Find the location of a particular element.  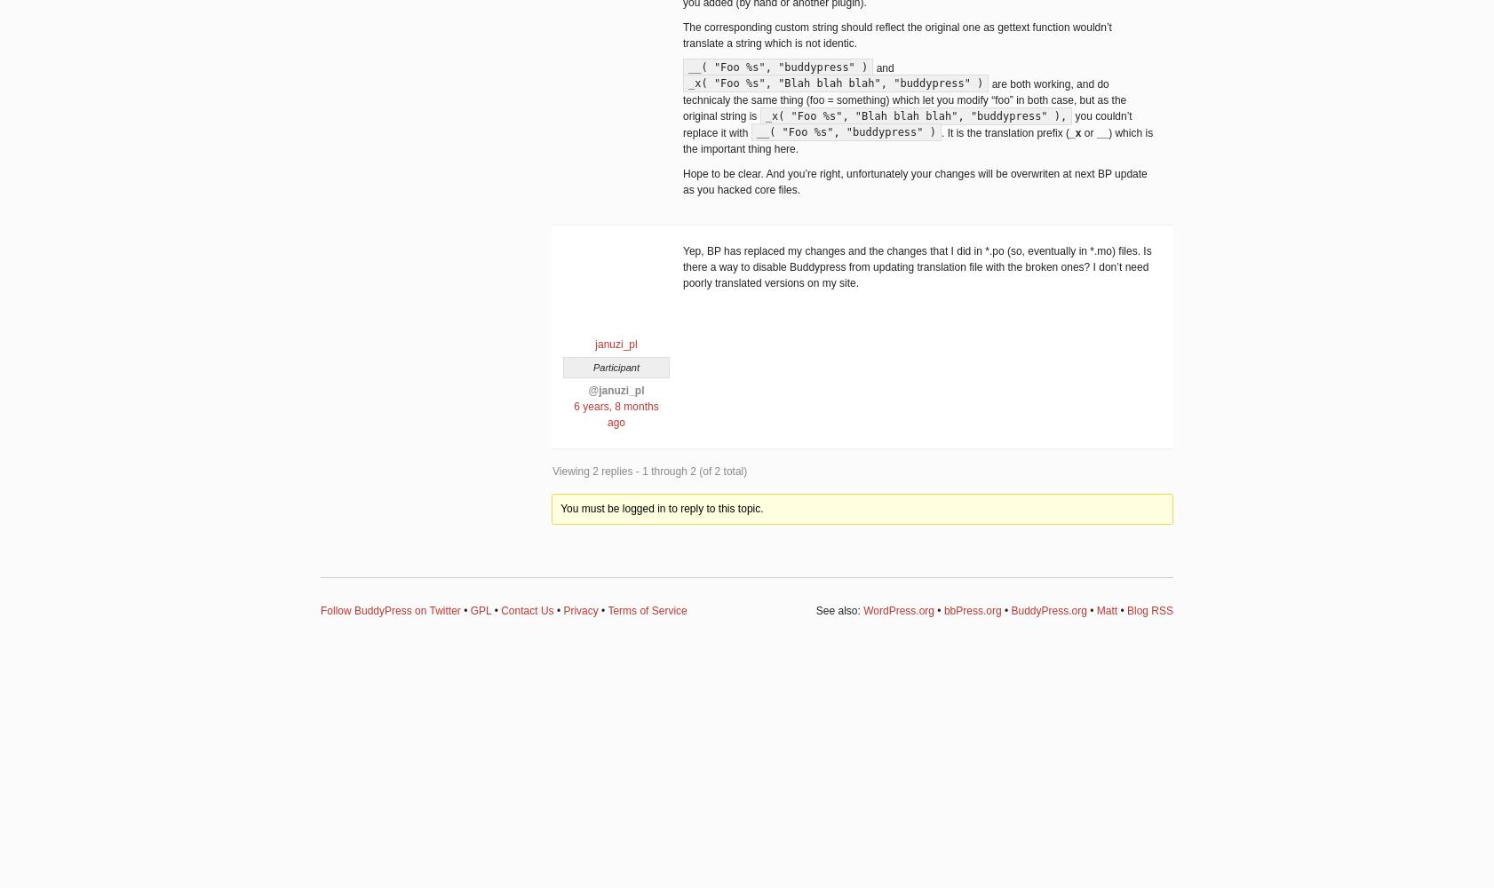

'Follow BuddyPress on Twitter' is located at coordinates (390, 610).